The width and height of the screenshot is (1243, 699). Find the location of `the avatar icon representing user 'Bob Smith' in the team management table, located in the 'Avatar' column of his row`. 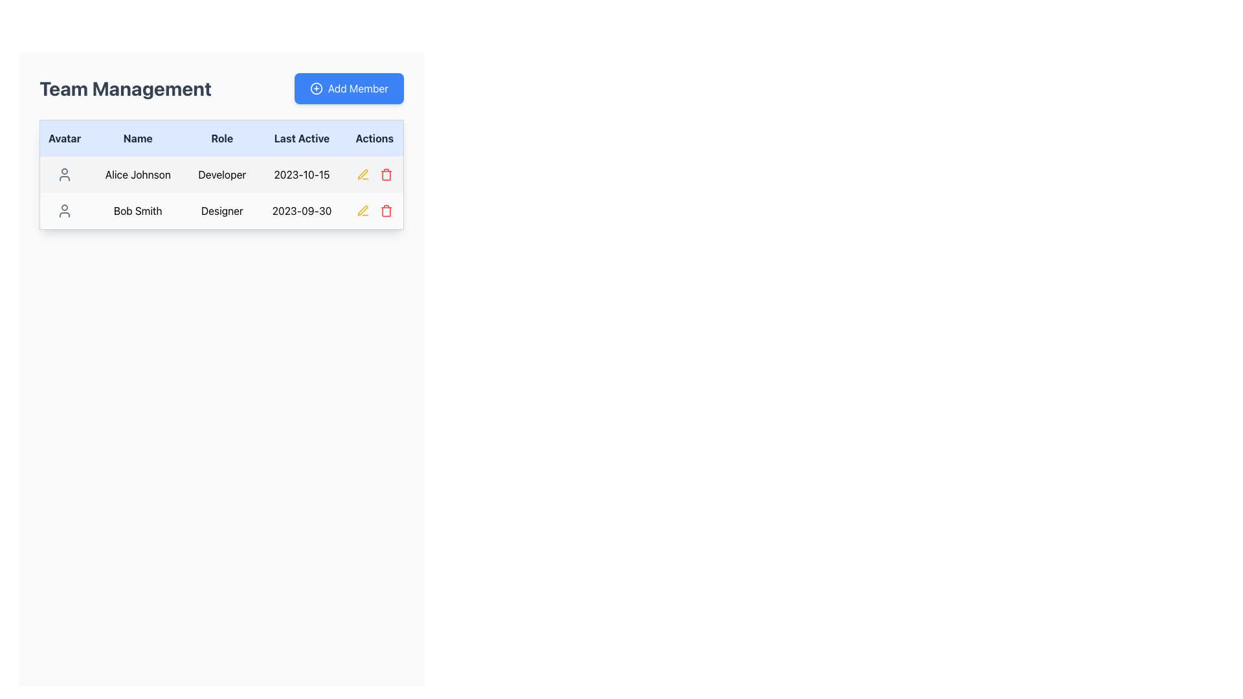

the avatar icon representing user 'Bob Smith' in the team management table, located in the 'Avatar' column of his row is located at coordinates (63, 210).